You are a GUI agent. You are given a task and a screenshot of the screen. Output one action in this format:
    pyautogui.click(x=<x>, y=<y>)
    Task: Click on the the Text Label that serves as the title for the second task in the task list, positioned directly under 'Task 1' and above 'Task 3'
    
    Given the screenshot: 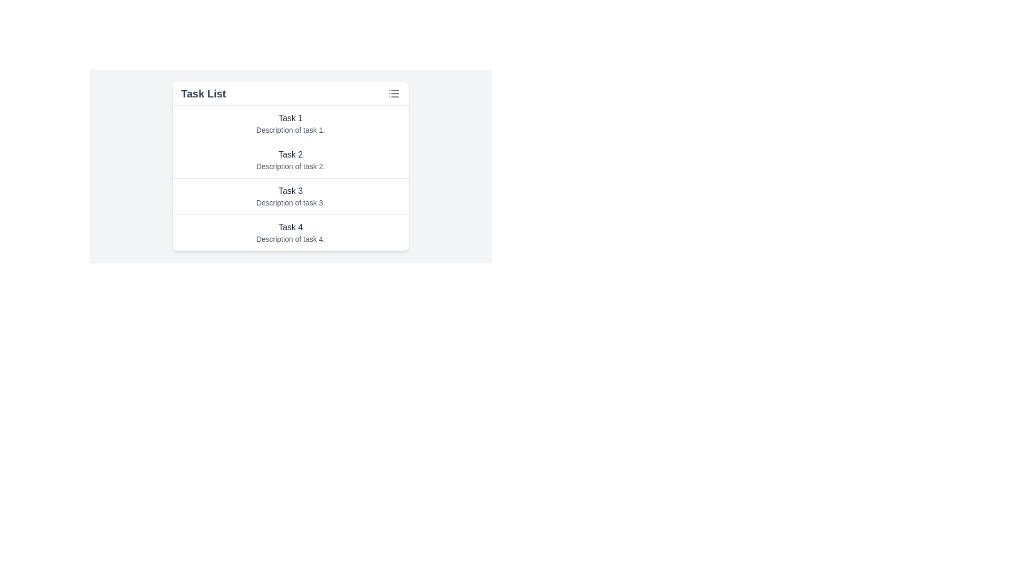 What is the action you would take?
    pyautogui.click(x=291, y=154)
    